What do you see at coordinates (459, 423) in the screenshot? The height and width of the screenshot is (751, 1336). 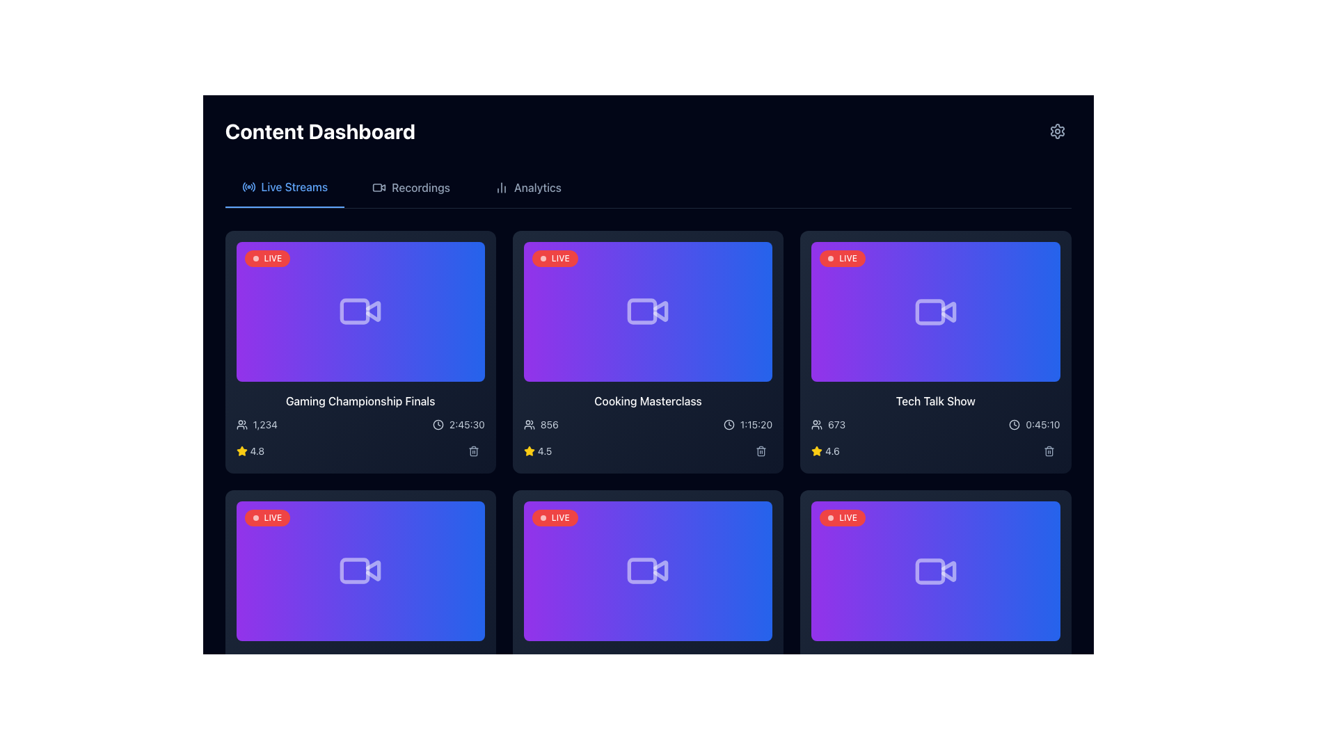 I see `the Time display element showing '2:45:30' with a clock icon in the bottom-right corner of the 'Gaming Championship Finals' card` at bounding box center [459, 423].